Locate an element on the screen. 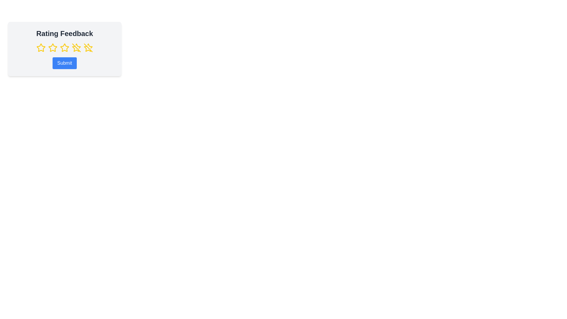  the third star in the rating system, which is a hollow star indicating it is not selected is located at coordinates (75, 48).